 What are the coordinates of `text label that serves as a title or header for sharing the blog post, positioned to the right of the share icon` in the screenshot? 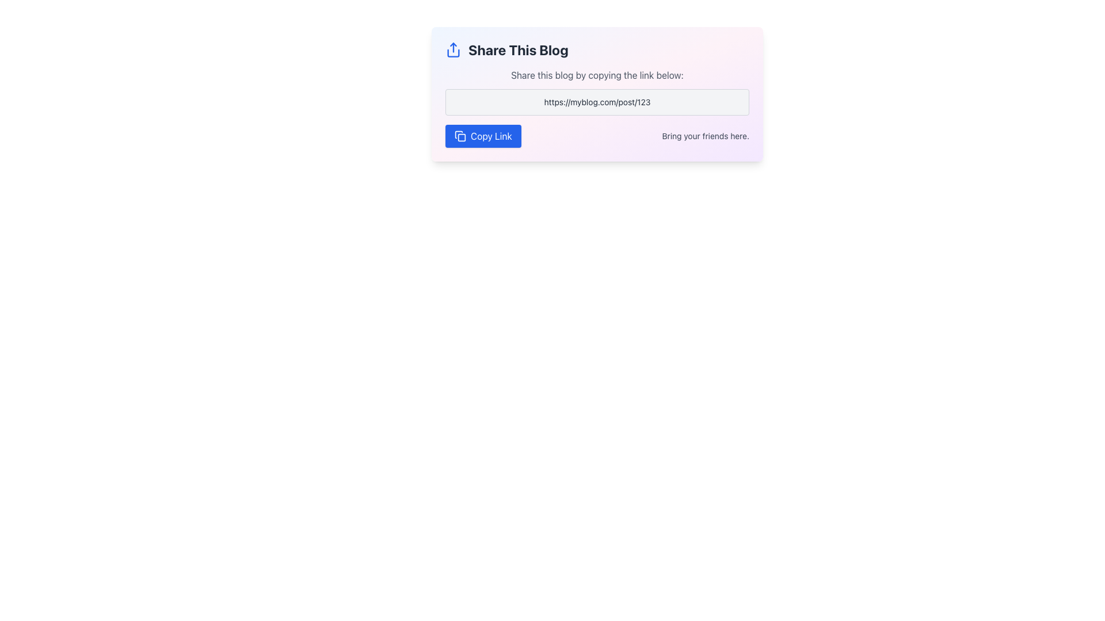 It's located at (517, 49).